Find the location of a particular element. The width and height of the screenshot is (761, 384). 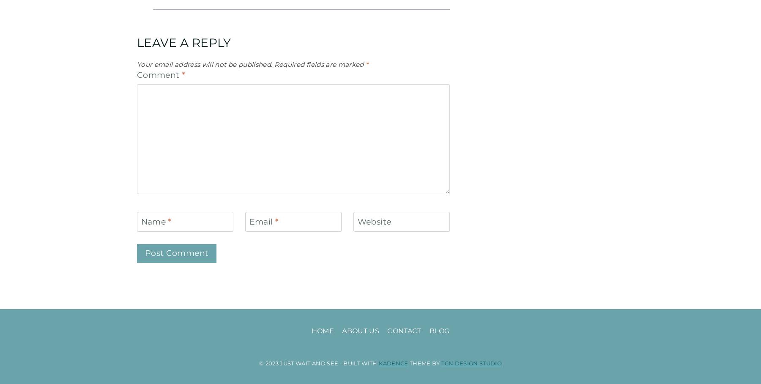

'Contact' is located at coordinates (403, 330).